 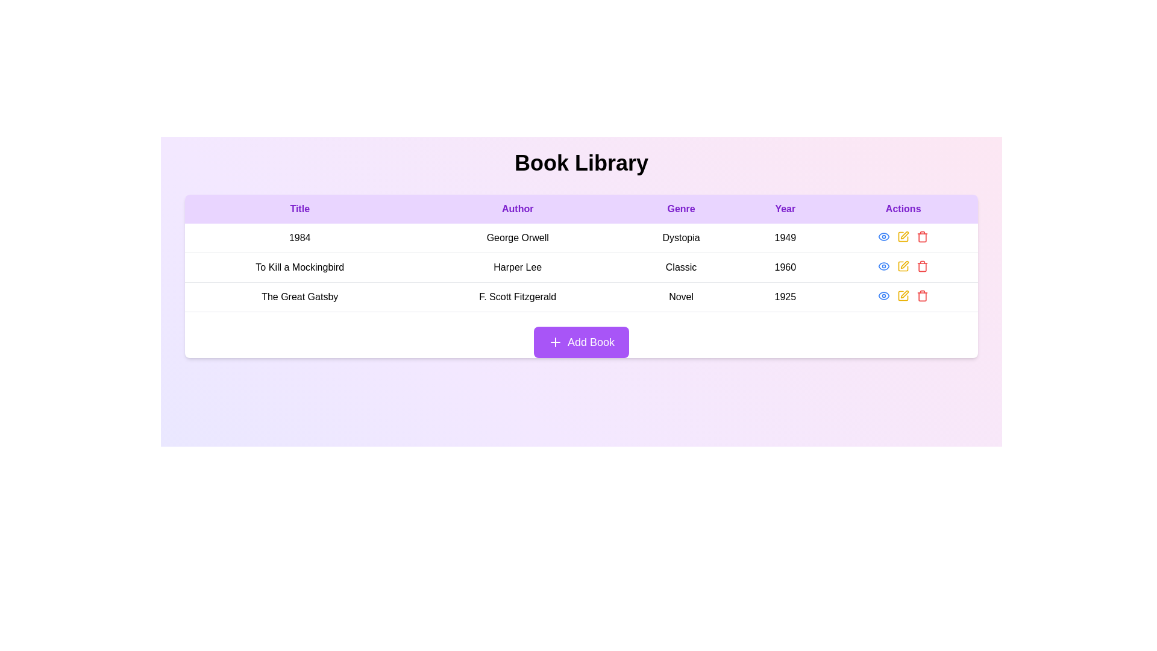 What do you see at coordinates (903, 266) in the screenshot?
I see `the yellow edit icon button located in the 'Actions' column of the second row in the table` at bounding box center [903, 266].